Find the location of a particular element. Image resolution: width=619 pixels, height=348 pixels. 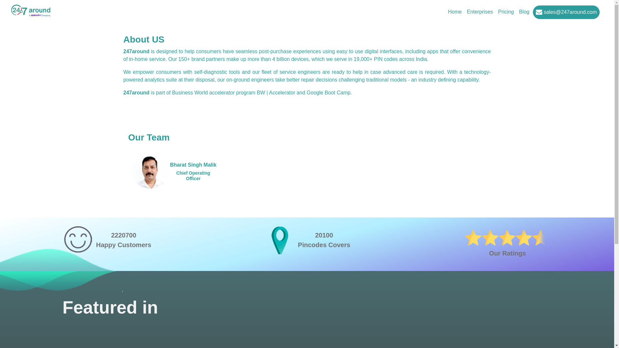

'sales@247around.com' is located at coordinates (566, 12).